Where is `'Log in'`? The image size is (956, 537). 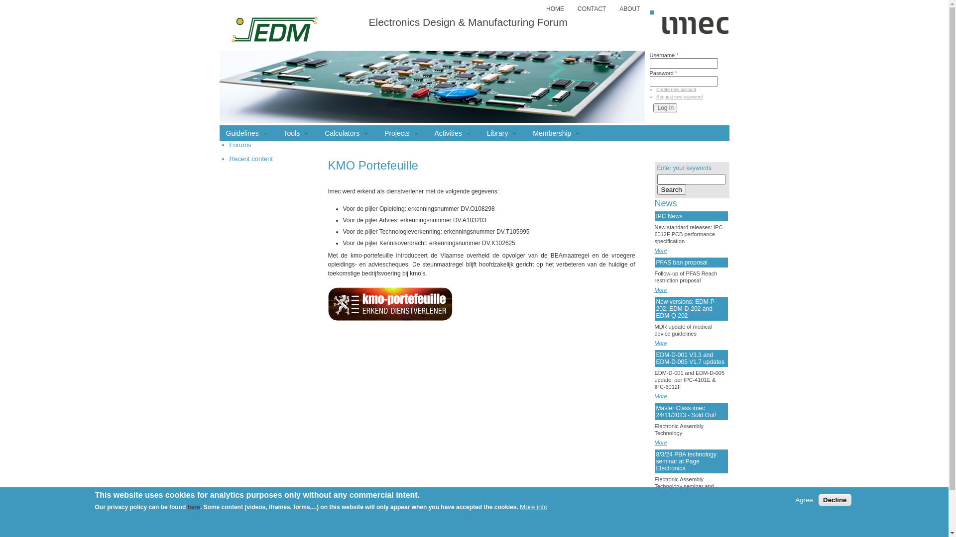 'Log in' is located at coordinates (665, 107).